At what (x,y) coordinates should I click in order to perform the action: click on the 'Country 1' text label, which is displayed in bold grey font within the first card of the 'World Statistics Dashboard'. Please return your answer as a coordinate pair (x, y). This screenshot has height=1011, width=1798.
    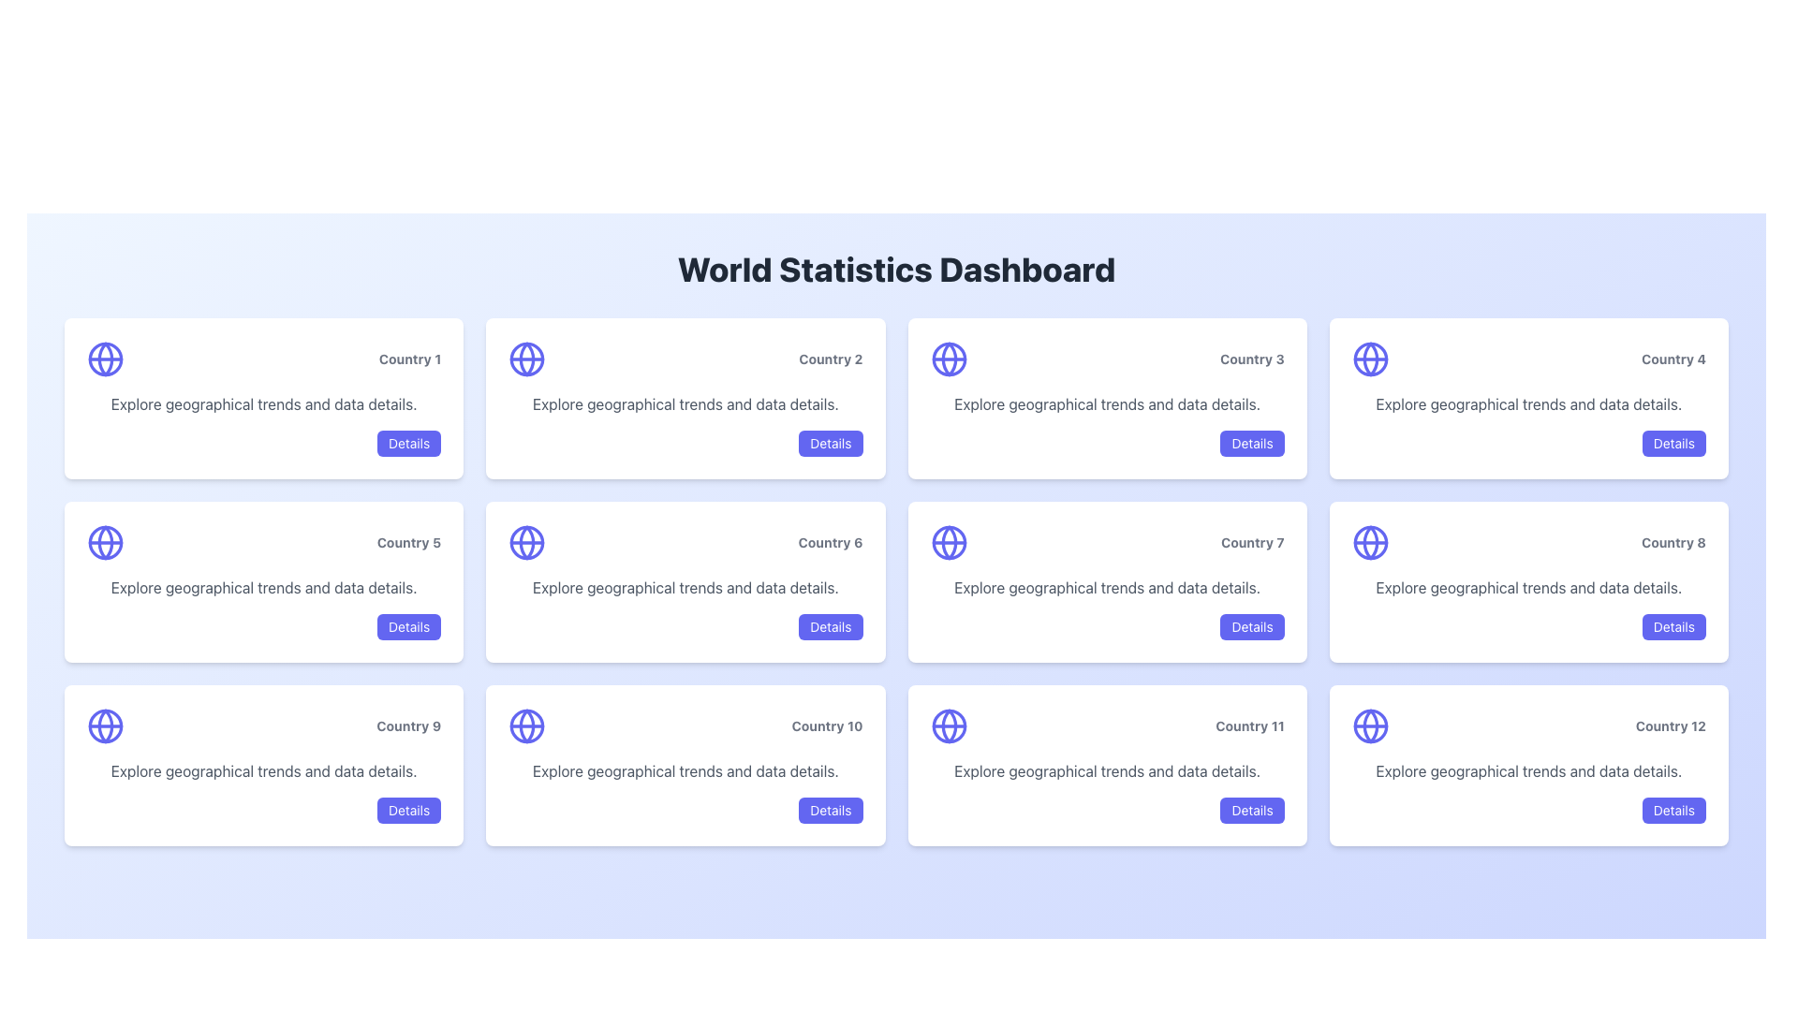
    Looking at the image, I should click on (409, 359).